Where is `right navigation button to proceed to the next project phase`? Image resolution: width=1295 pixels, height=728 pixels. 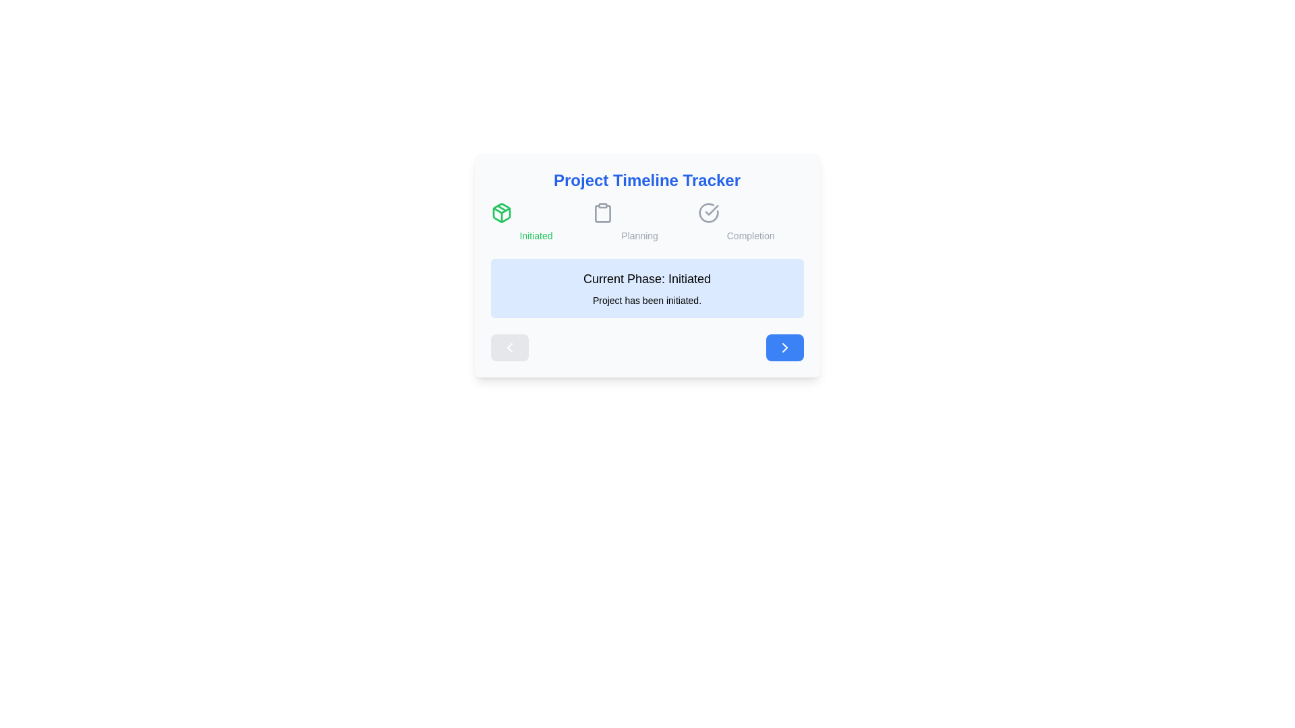 right navigation button to proceed to the next project phase is located at coordinates (784, 347).